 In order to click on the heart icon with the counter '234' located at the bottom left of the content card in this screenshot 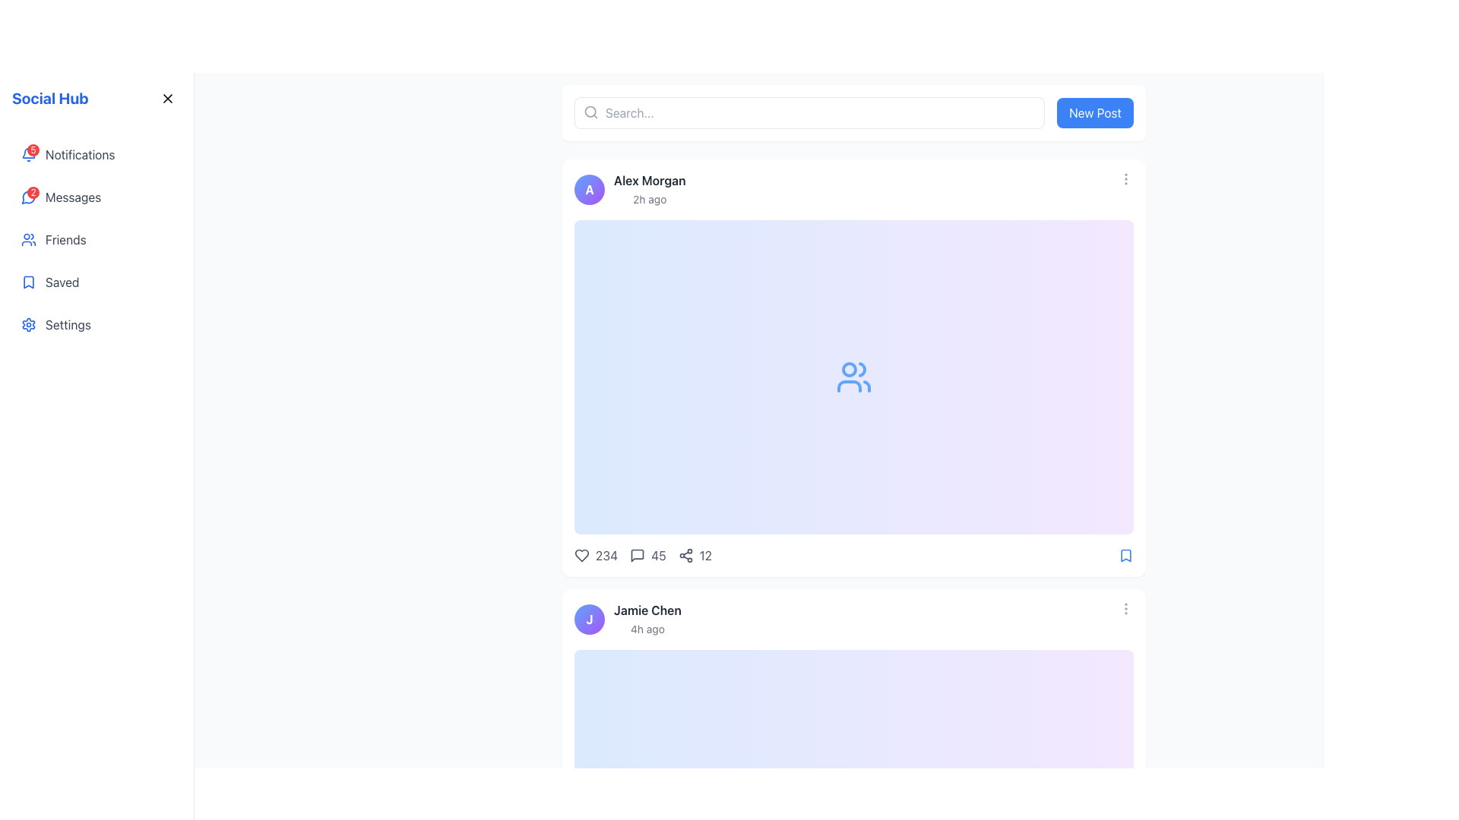, I will do `click(595, 556)`.